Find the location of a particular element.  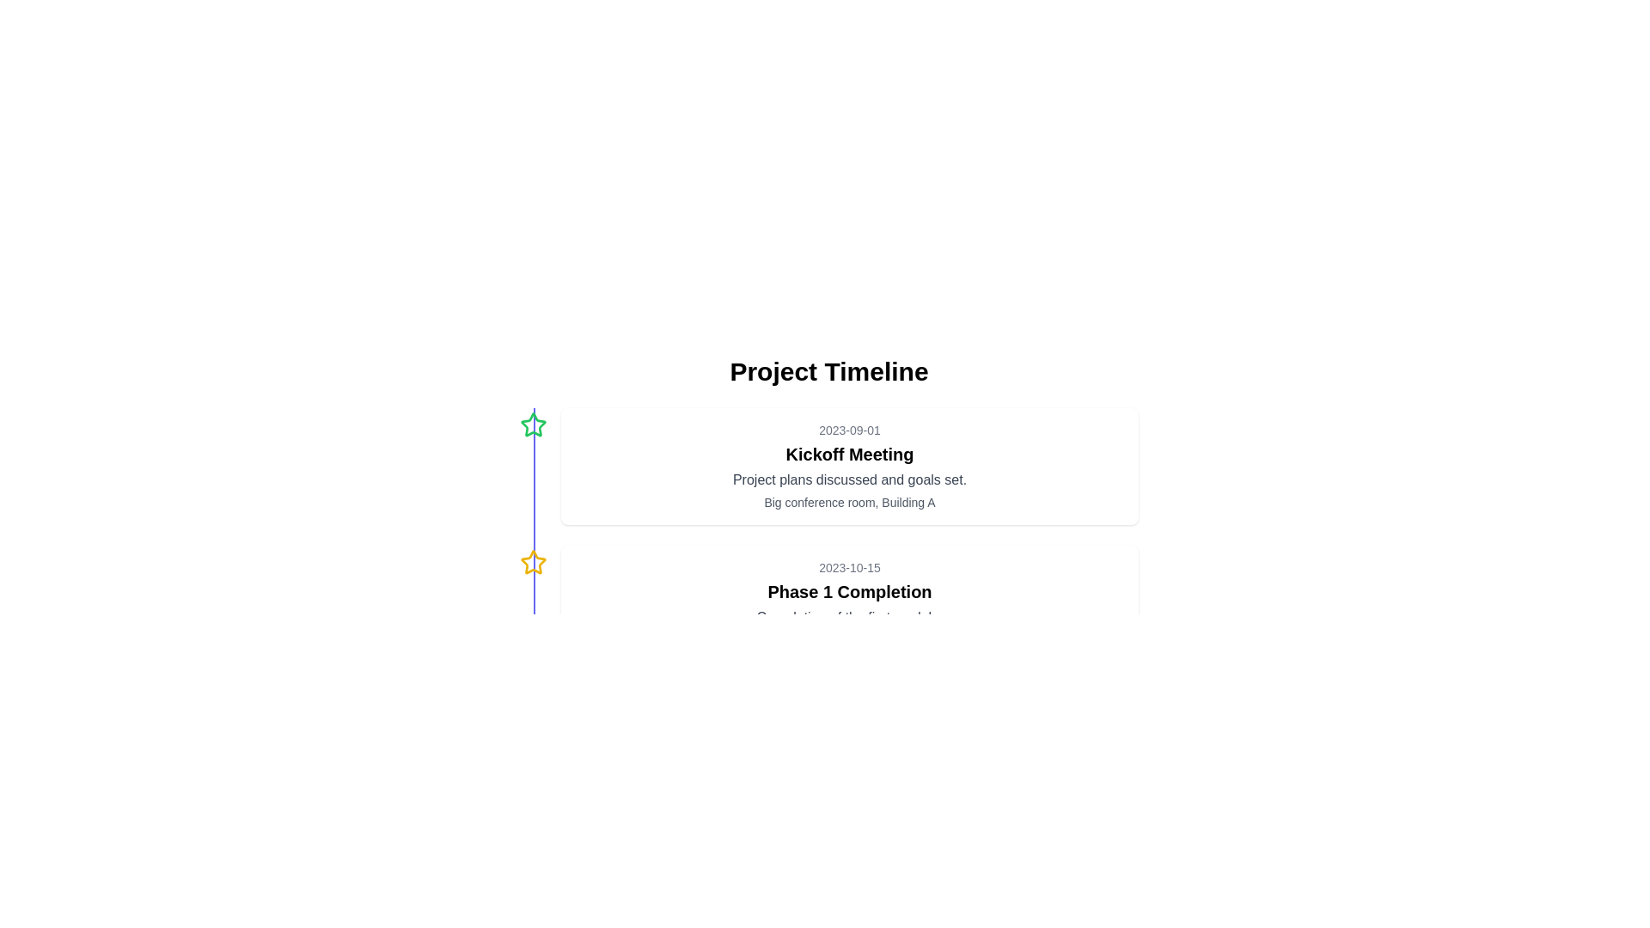

the second event entry in the vertically arranged timeline is located at coordinates (828, 602).